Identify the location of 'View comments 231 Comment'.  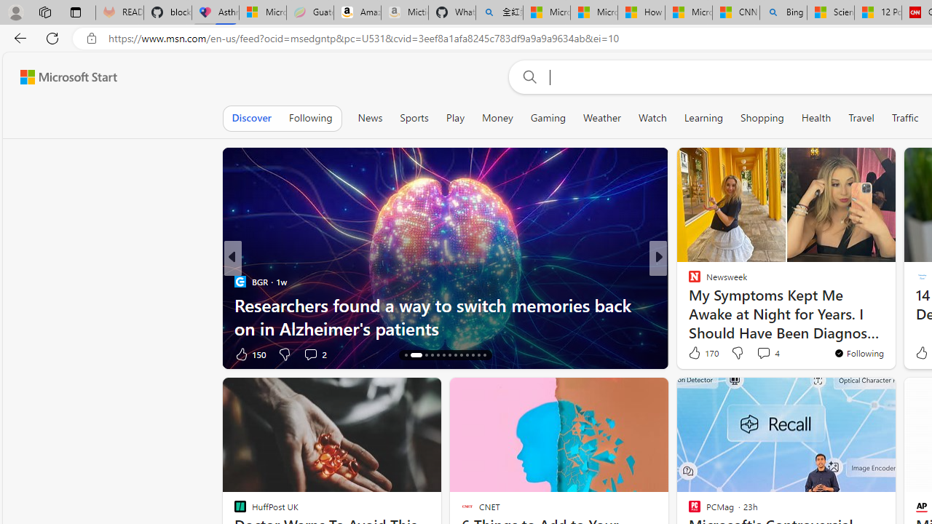
(762, 354).